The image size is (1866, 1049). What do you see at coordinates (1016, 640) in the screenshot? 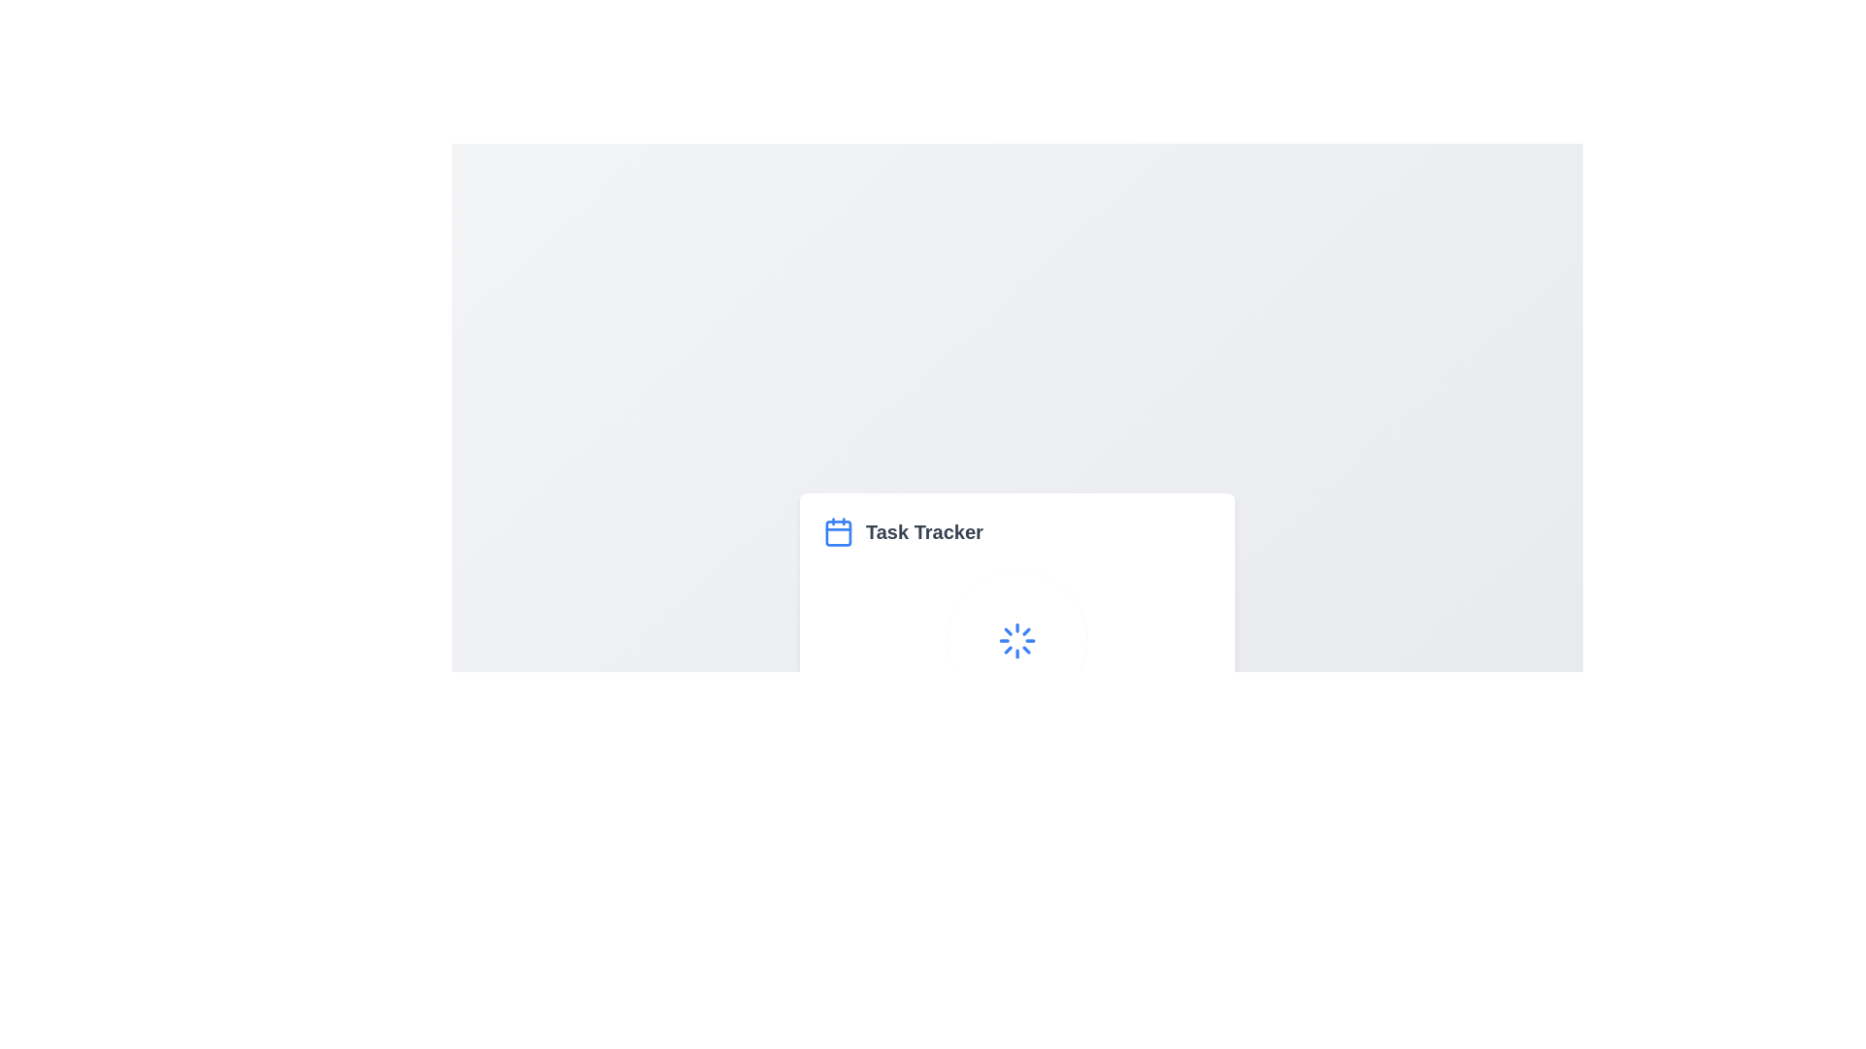
I see `the circular spinner loading indicator located below the 'Task Tracker' label to monitor the loading status` at bounding box center [1016, 640].